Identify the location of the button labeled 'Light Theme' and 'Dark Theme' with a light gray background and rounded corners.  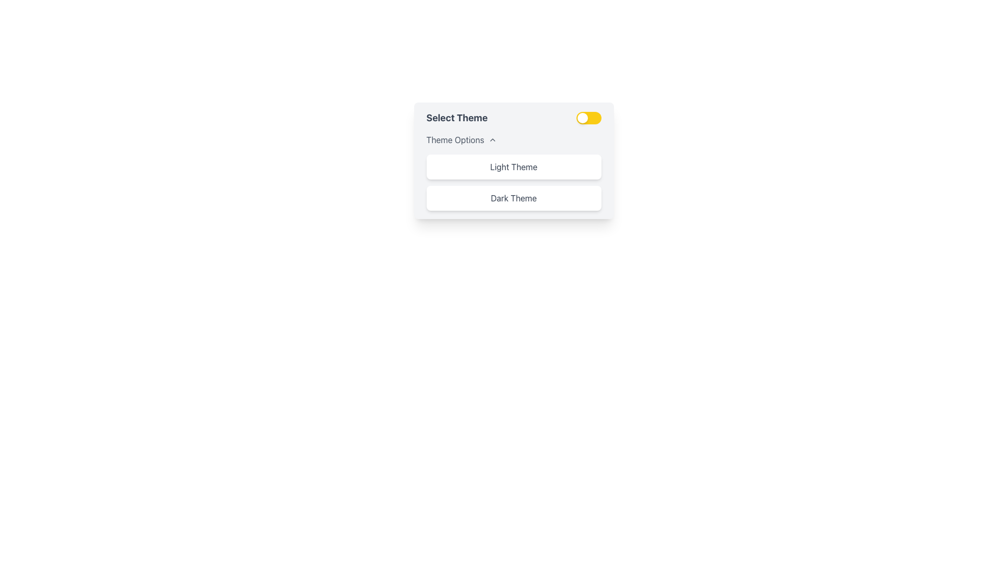
(514, 160).